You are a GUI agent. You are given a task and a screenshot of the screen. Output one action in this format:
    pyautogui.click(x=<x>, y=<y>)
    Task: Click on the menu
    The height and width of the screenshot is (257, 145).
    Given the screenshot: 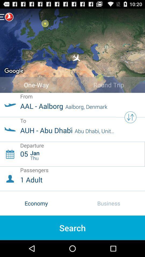 What is the action you would take?
    pyautogui.click(x=6, y=17)
    